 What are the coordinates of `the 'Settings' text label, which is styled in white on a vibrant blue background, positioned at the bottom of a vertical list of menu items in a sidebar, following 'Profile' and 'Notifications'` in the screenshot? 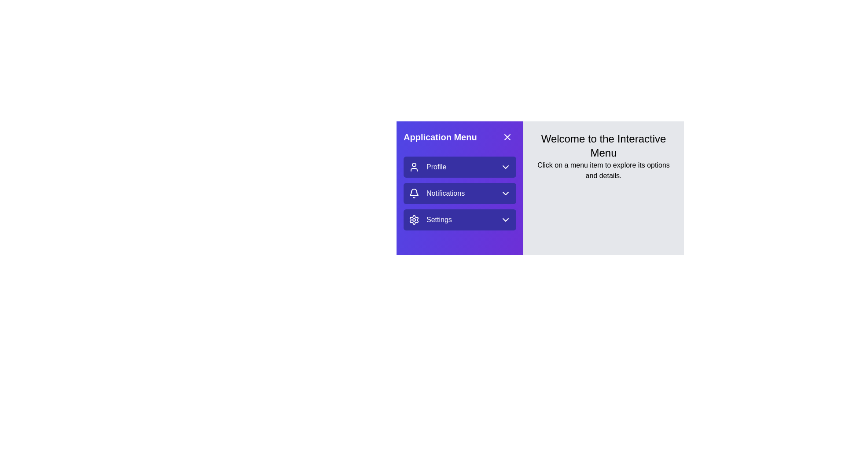 It's located at (439, 219).